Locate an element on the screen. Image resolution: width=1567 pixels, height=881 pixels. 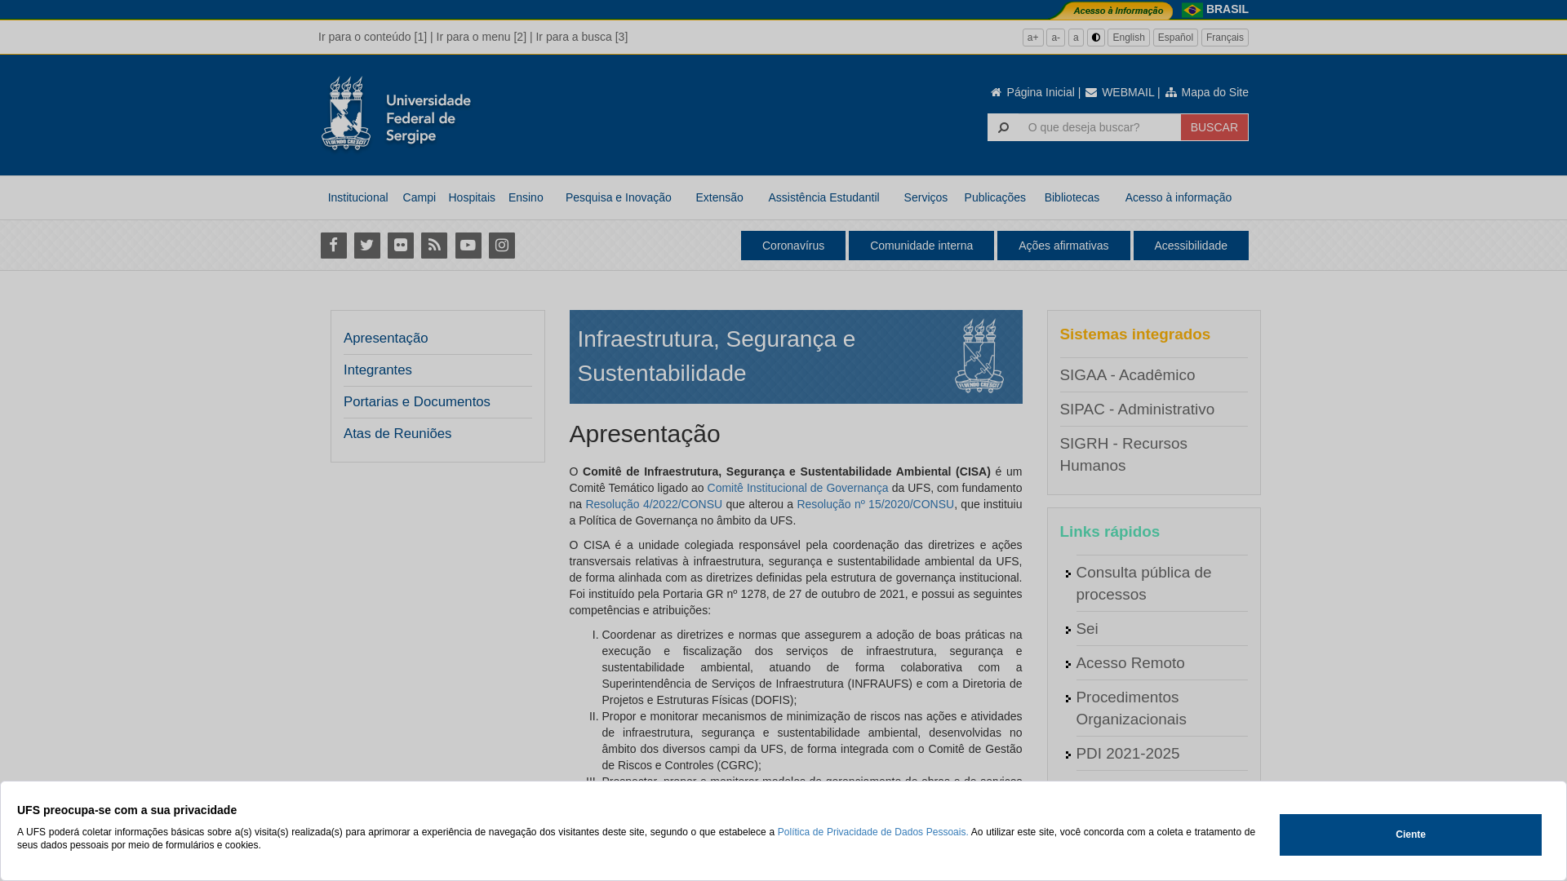
'Integrantes' is located at coordinates (343, 370).